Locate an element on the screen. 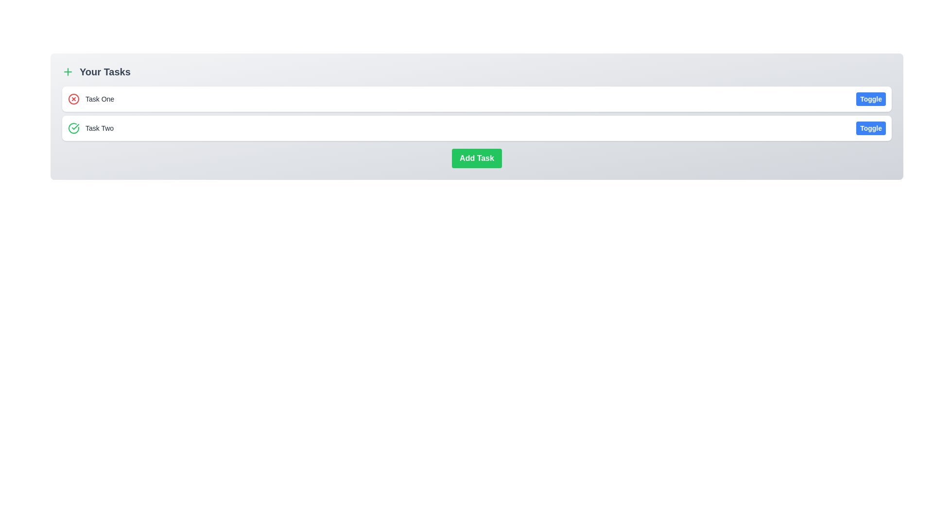  the green check symbol icon enclosed within a circle, located to the left of the text 'Task Two' in the task list is located at coordinates (73, 127).